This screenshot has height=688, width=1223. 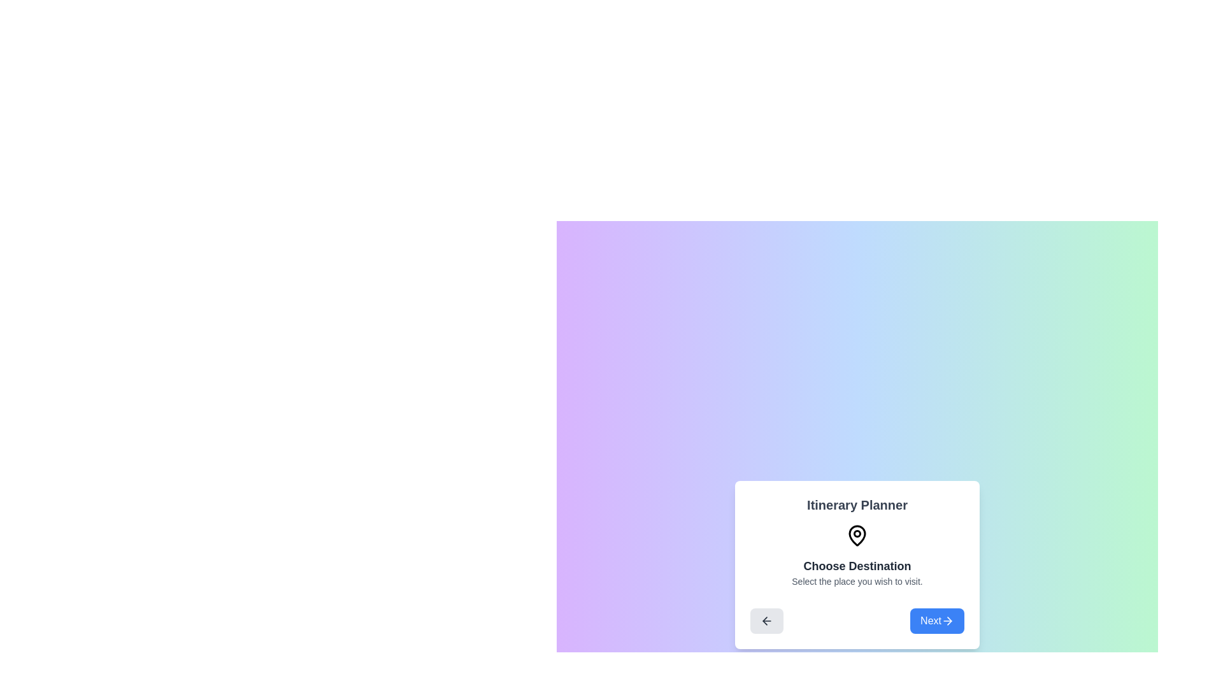 What do you see at coordinates (948, 620) in the screenshot?
I see `the arrow icon within the 'Next' button located at the bottom right corner of the modal dialog box, which has a blue background and rounded corners` at bounding box center [948, 620].